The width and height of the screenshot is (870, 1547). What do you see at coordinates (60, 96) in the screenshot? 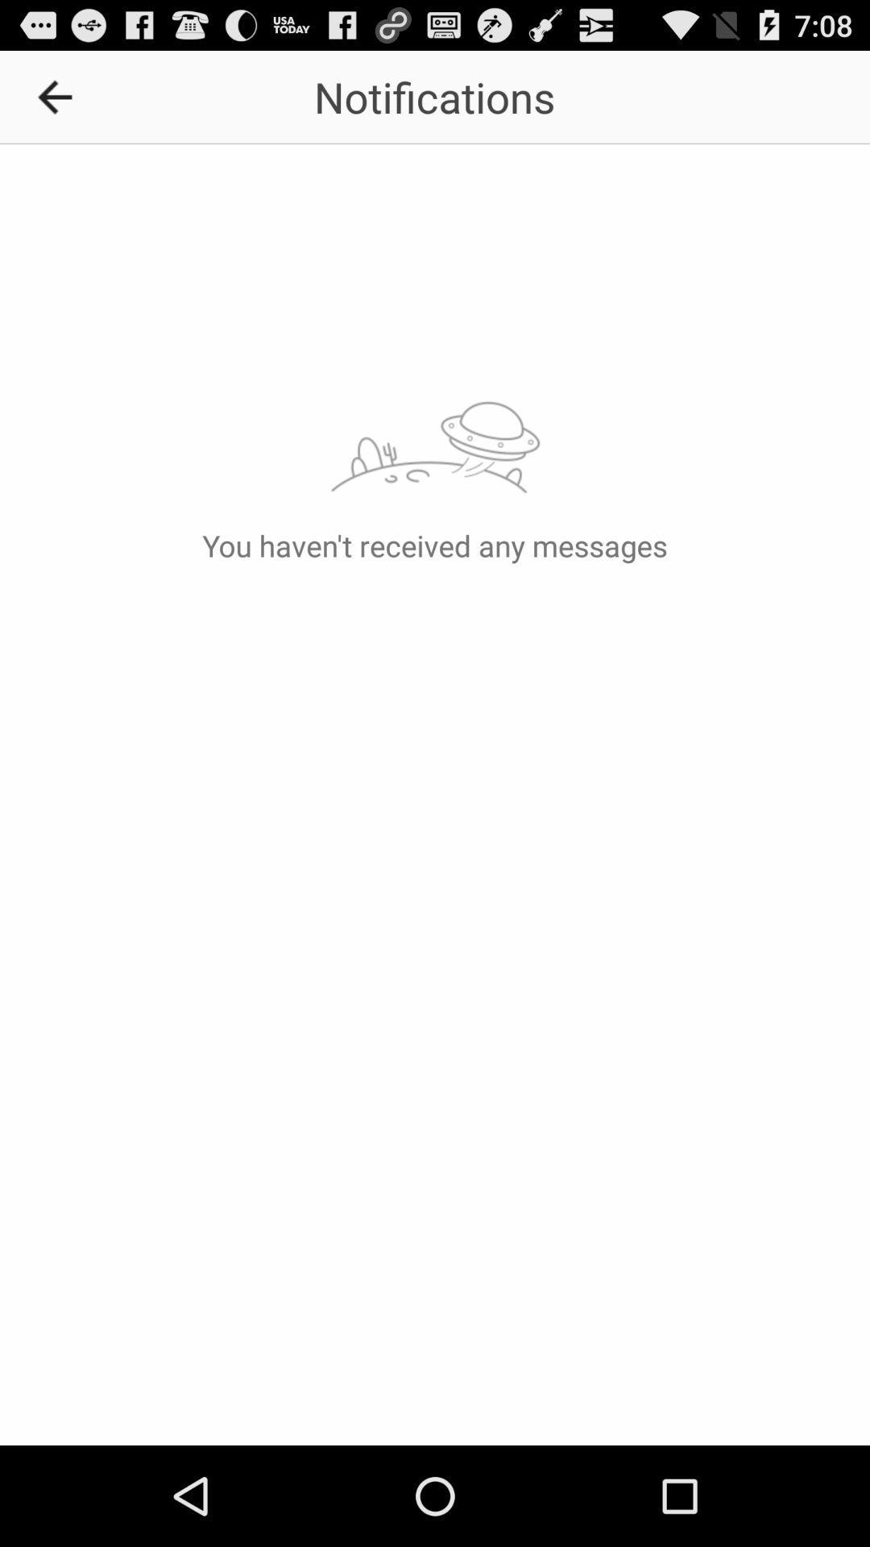
I see `the   at the top left corner` at bounding box center [60, 96].